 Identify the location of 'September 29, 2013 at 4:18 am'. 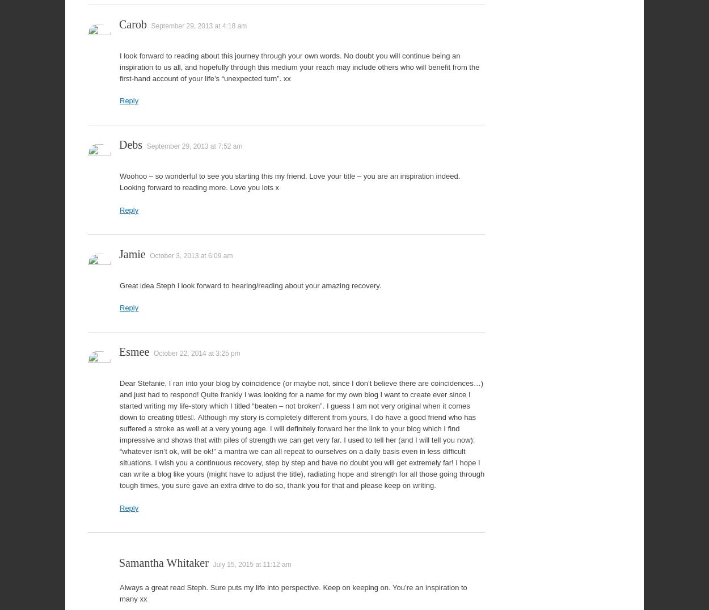
(198, 25).